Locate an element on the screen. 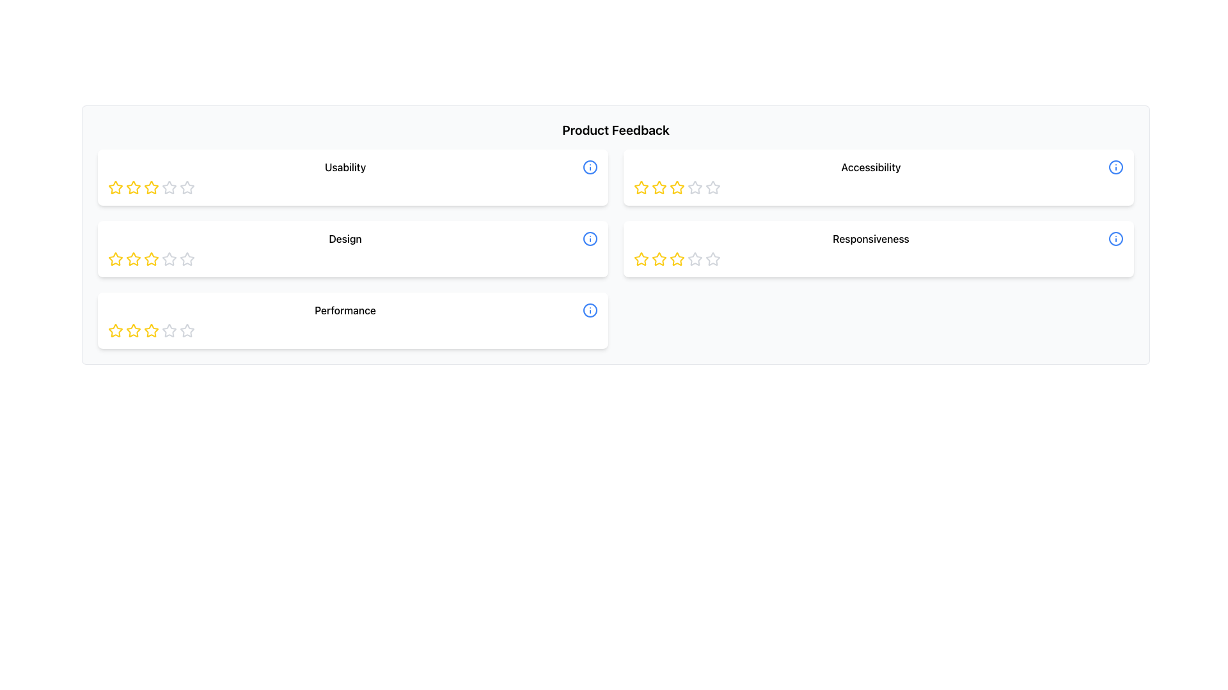 The height and width of the screenshot is (690, 1228). the second star icon representing a rating level in the 'Design' row for interaction is located at coordinates (116, 259).